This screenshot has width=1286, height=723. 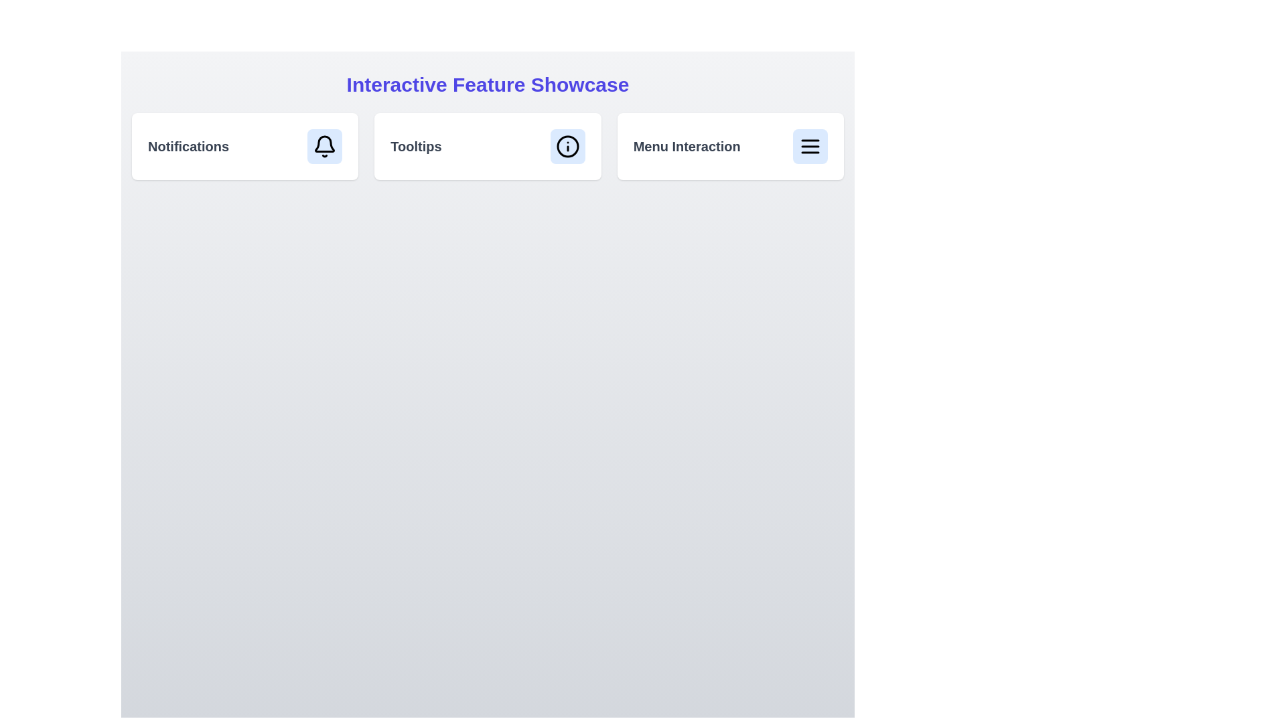 What do you see at coordinates (567, 147) in the screenshot?
I see `the information icon, characterized by a circular shape with an 'i' character, located in the center region of the 'Tooltip' section within the second card of the topmost panel` at bounding box center [567, 147].